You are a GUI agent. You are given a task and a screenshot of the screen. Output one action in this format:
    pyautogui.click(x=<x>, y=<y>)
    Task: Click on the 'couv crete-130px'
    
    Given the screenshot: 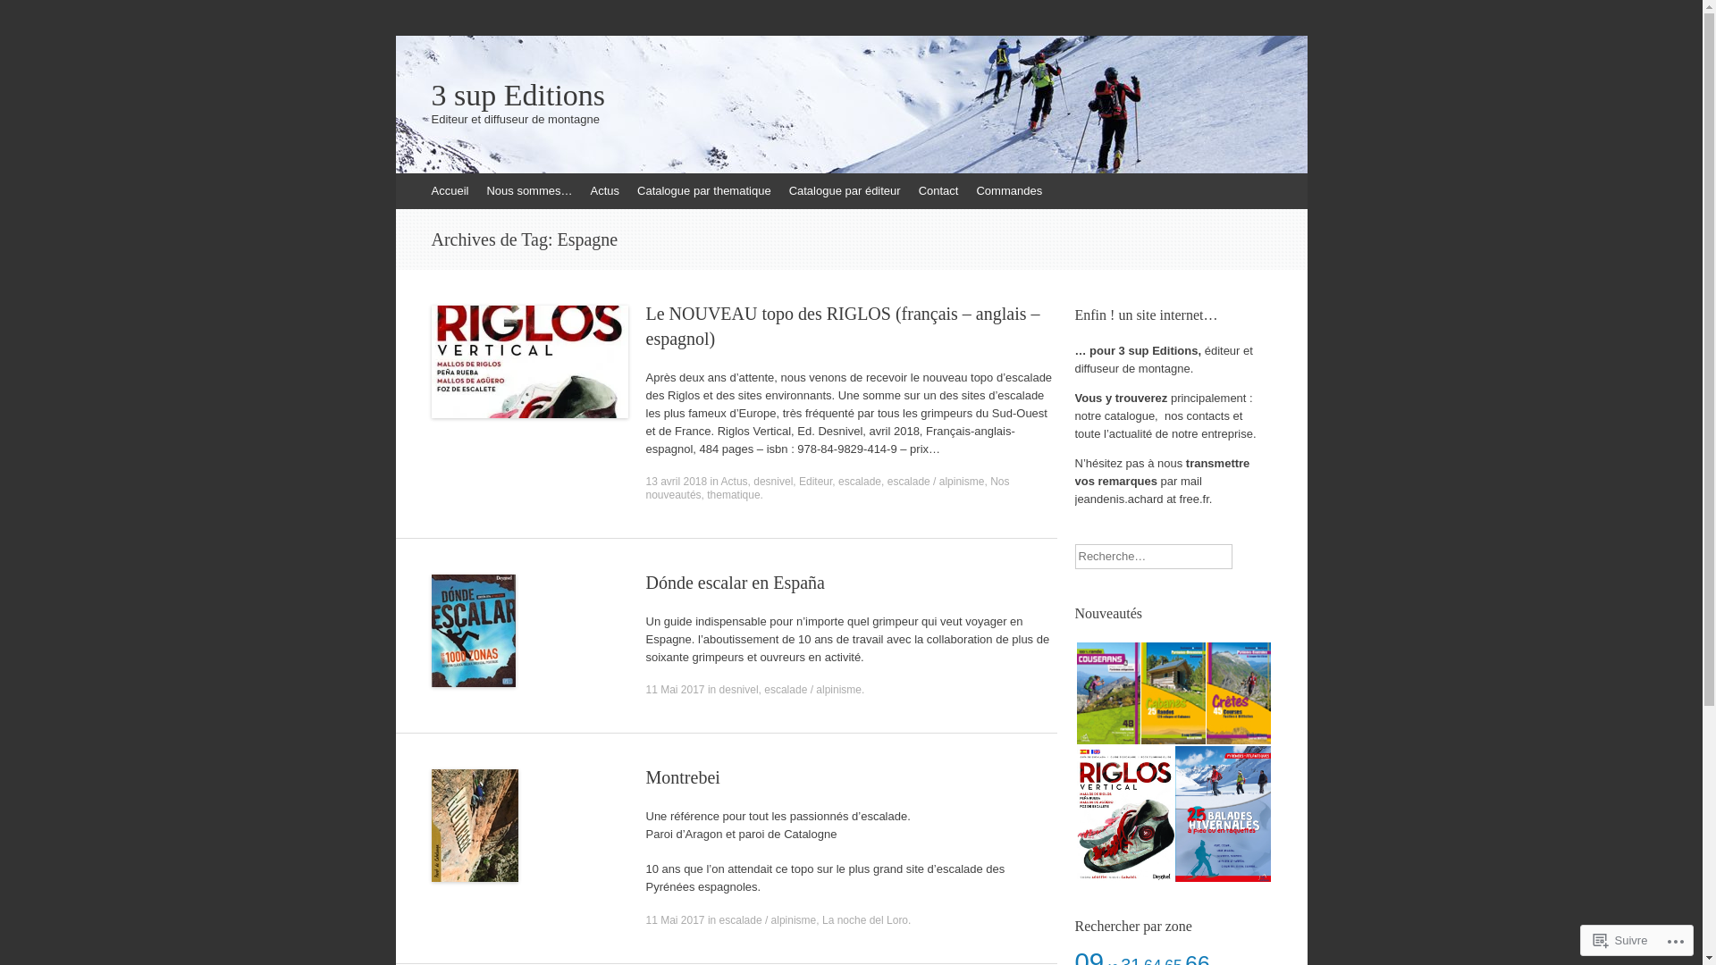 What is the action you would take?
    pyautogui.click(x=1206, y=692)
    